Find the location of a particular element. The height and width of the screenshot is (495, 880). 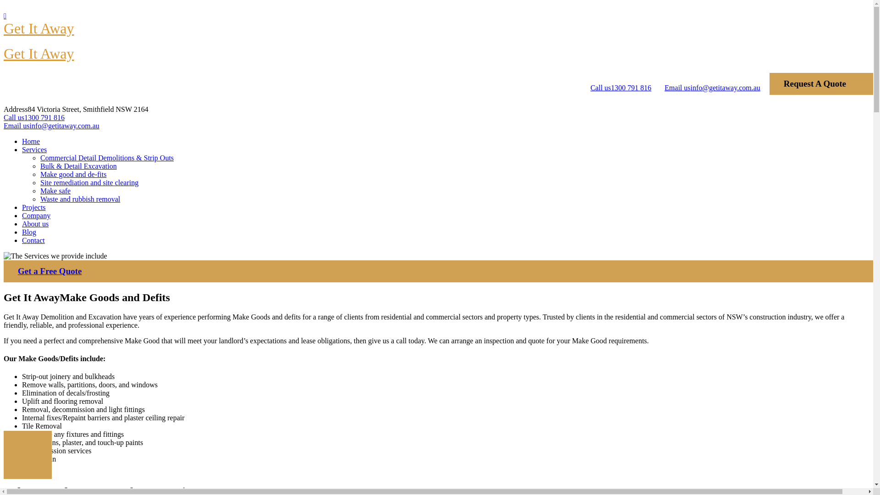

'Services' is located at coordinates (34, 149).